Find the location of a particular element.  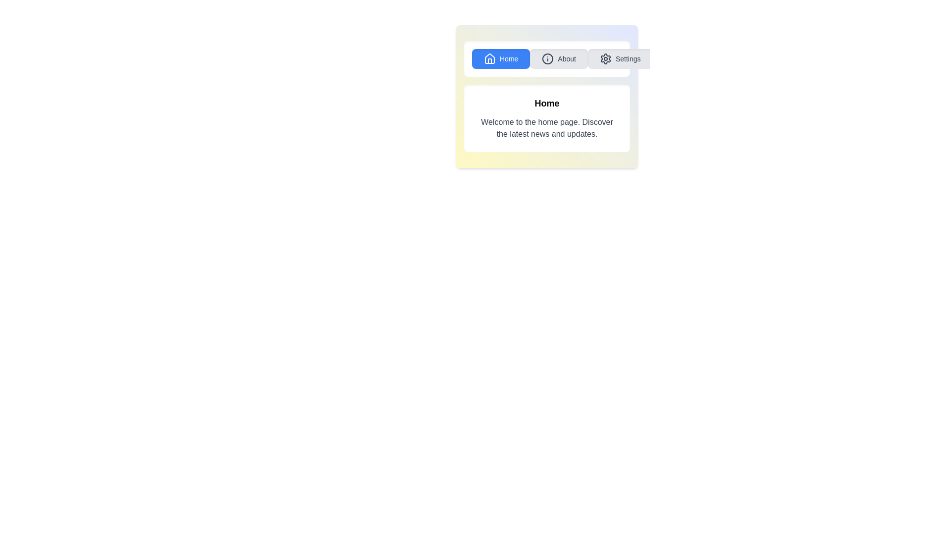

the About tab to display its content is located at coordinates (559, 59).